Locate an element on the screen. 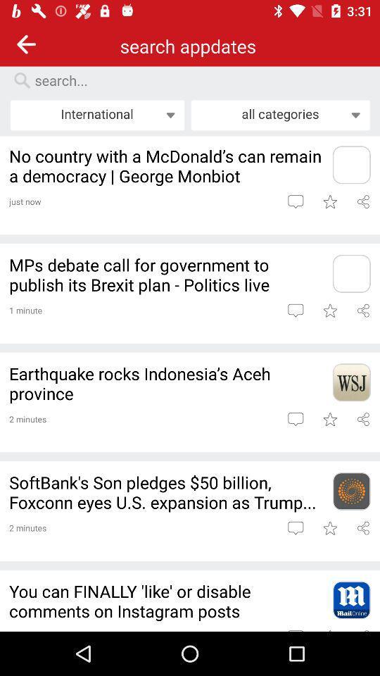  icon above international is located at coordinates (196, 80).